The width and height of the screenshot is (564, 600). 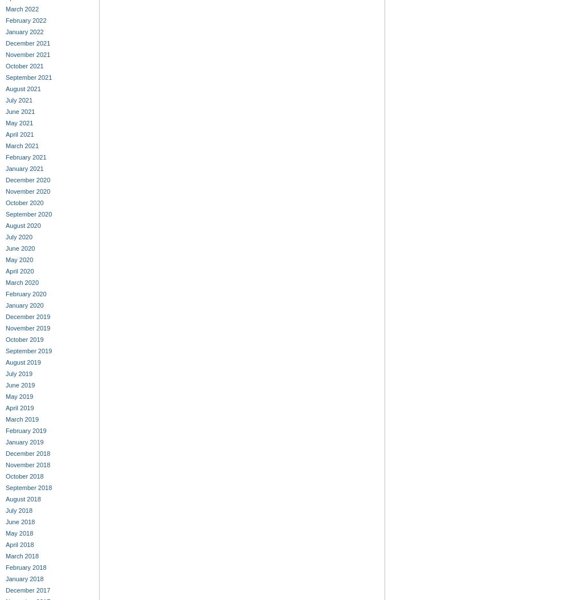 I want to click on 'September 2021', so click(x=28, y=77).